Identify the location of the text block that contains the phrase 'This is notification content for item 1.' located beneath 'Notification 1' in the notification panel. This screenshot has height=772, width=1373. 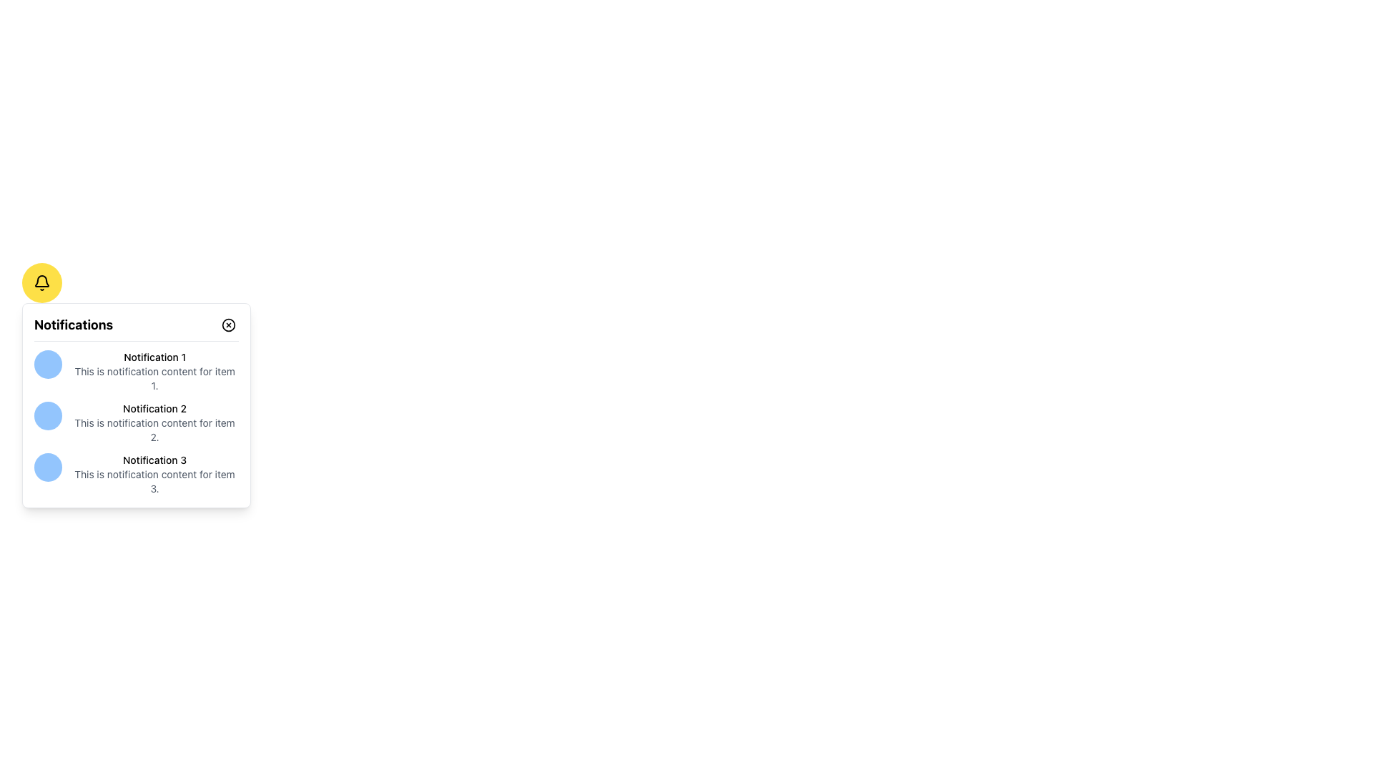
(154, 377).